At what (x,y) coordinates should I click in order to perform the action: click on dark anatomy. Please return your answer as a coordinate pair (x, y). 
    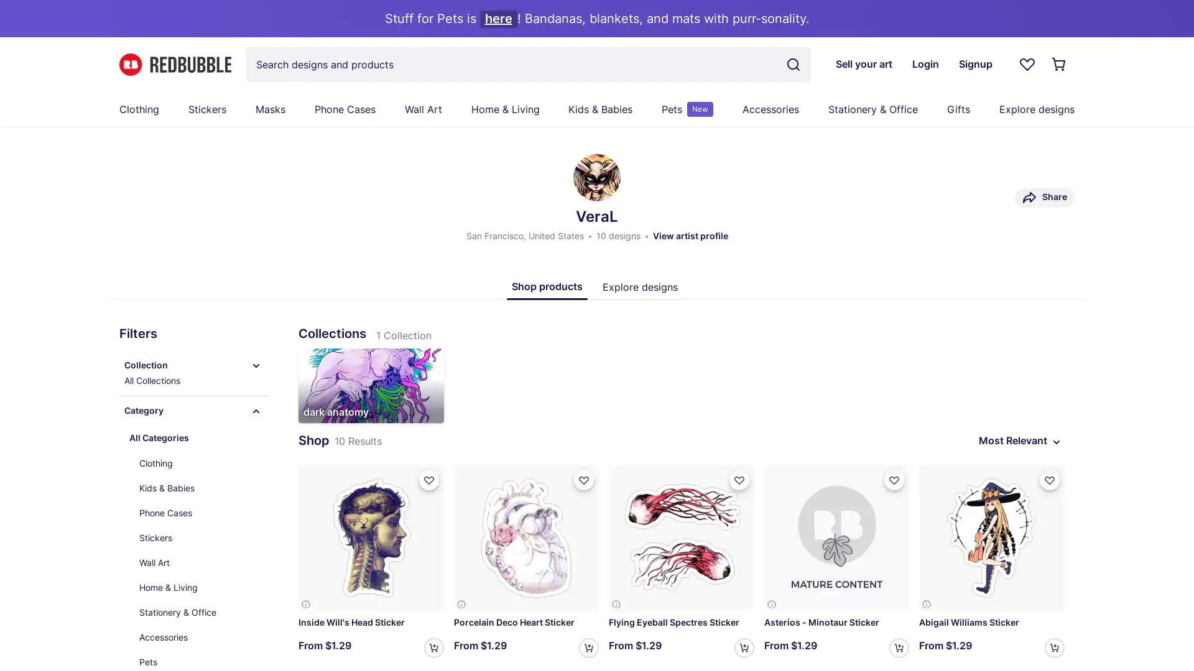
    Looking at the image, I should click on (370, 385).